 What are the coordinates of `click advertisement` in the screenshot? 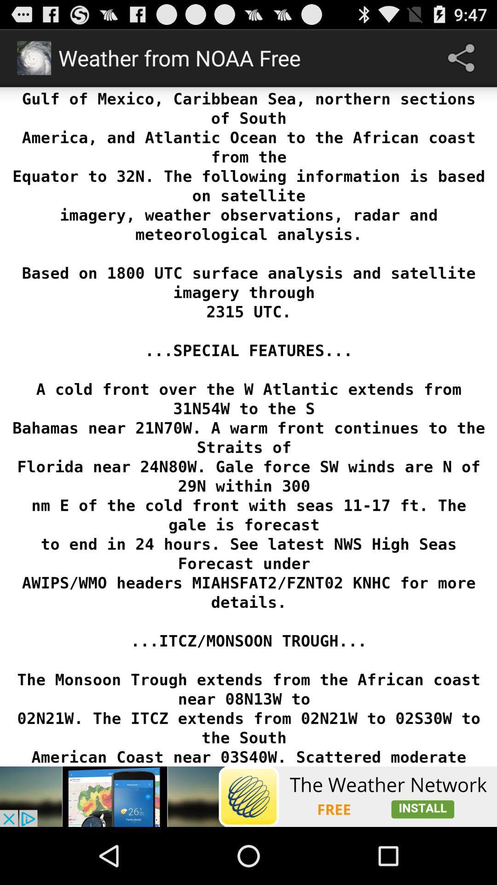 It's located at (248, 796).